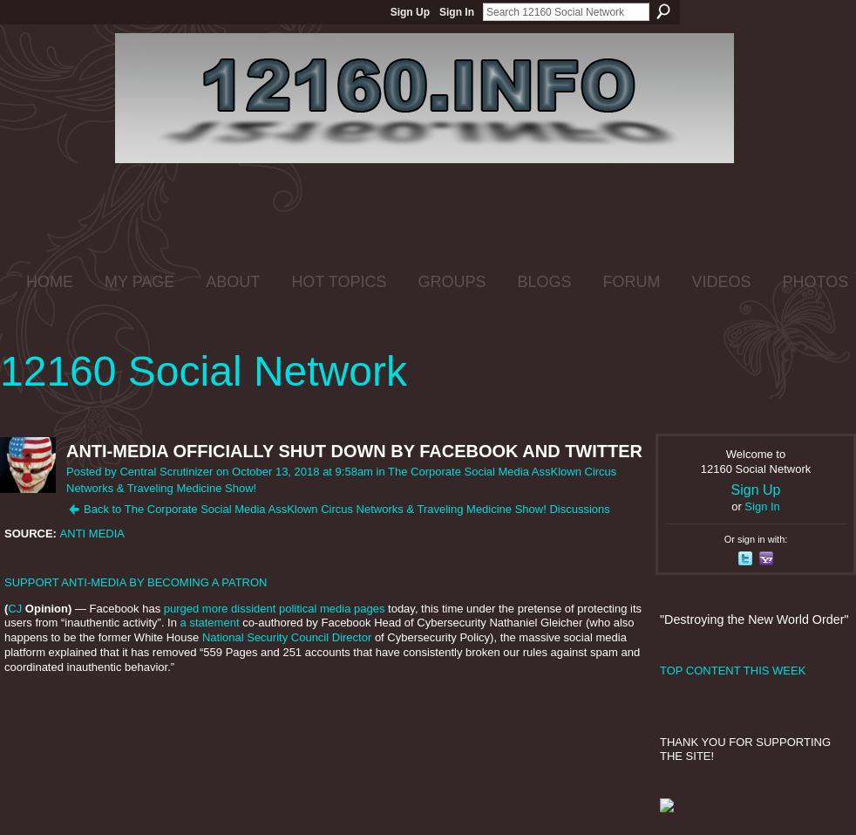 This screenshot has height=835, width=856. What do you see at coordinates (3, 652) in the screenshot?
I see `'of Cybersecurity Policy), the massive social media platform explained that it has removed “559 Pages and 251 accounts that have consistently broken our rules against spam and coordinated inauthentic behavior.”'` at bounding box center [3, 652].